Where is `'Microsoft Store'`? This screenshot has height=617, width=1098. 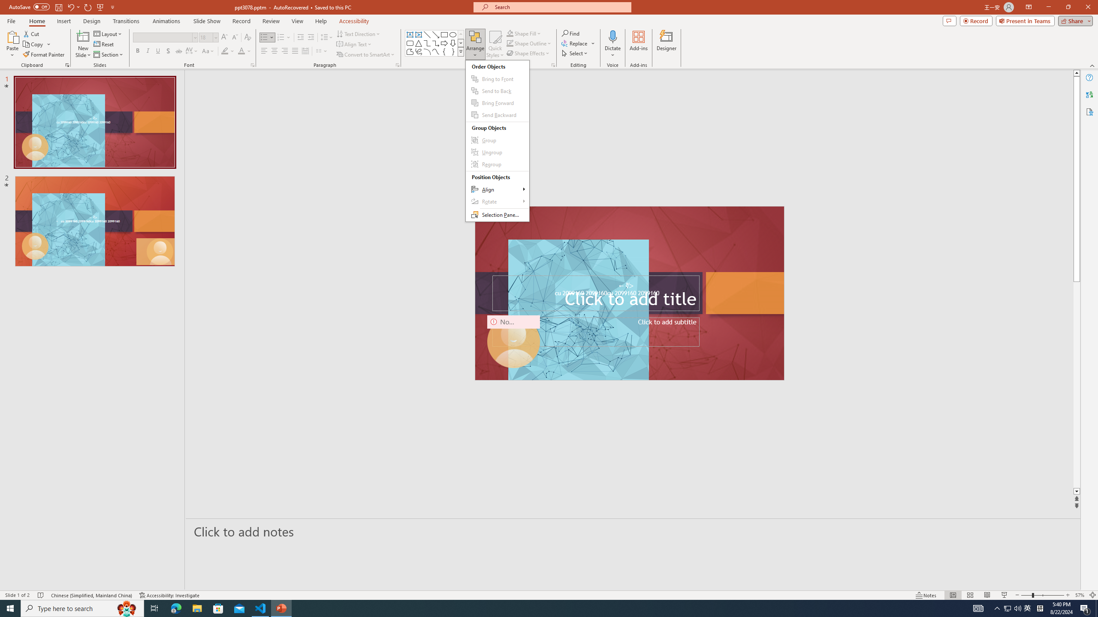
'Microsoft Store' is located at coordinates (218, 608).